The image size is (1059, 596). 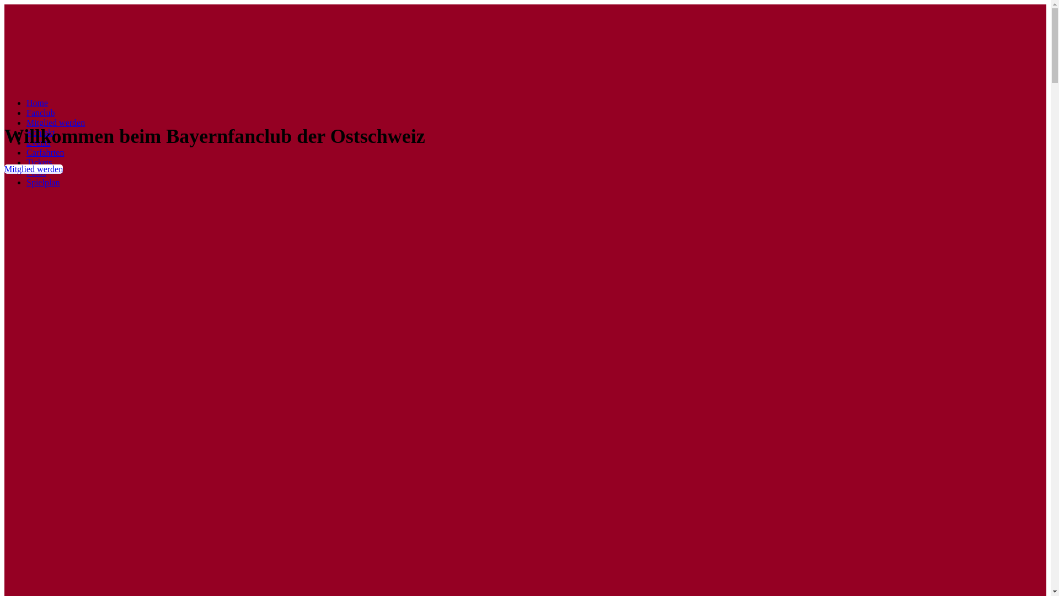 I want to click on 'Mitglied werden', so click(x=34, y=169).